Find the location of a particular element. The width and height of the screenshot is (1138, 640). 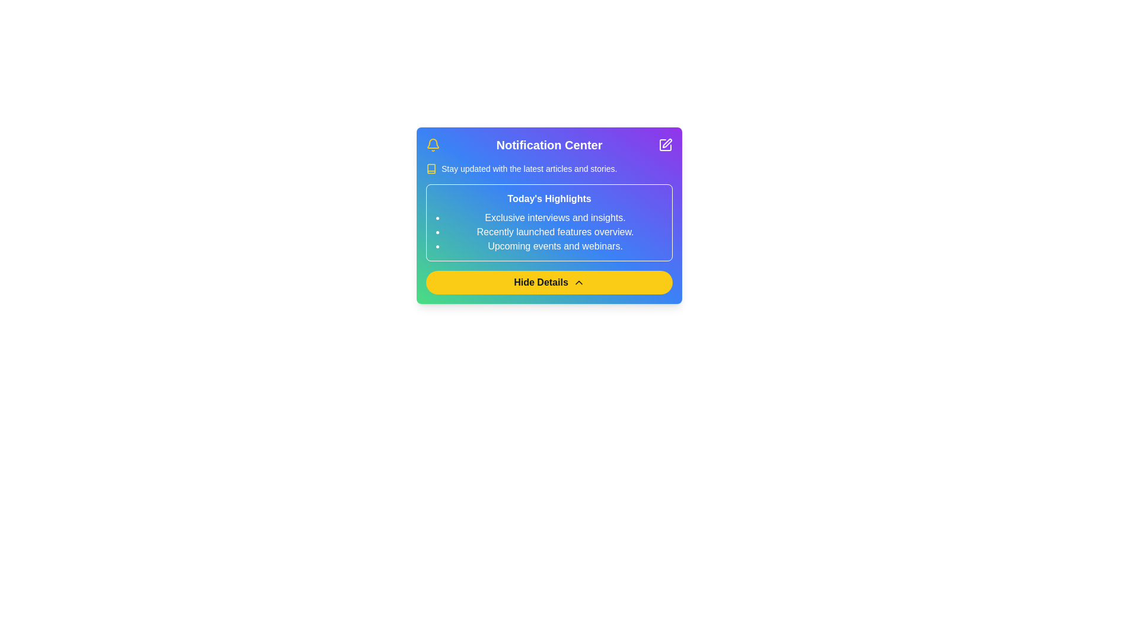

the chevron icon located at the rightmost side of the 'Hide Details' button is located at coordinates (578, 283).